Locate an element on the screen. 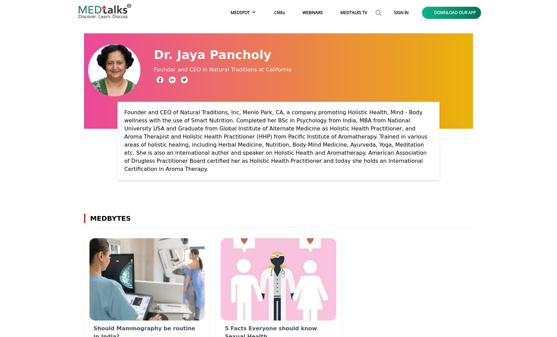  'DOWNLOAD OUR APP' is located at coordinates (454, 12).